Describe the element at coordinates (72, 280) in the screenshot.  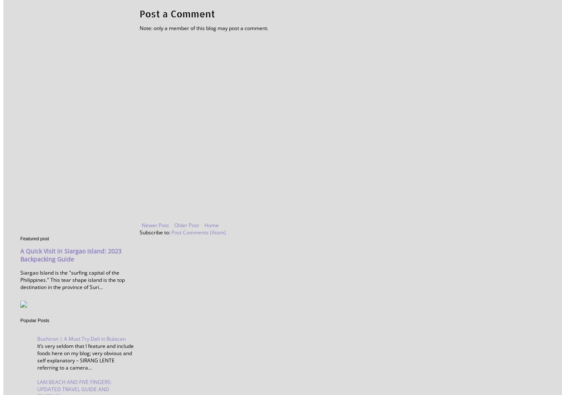
I see `'Siargao Island is the "surfing capital of the Philippines." This tear shape island is the top destination in the province of Suri...'` at that location.